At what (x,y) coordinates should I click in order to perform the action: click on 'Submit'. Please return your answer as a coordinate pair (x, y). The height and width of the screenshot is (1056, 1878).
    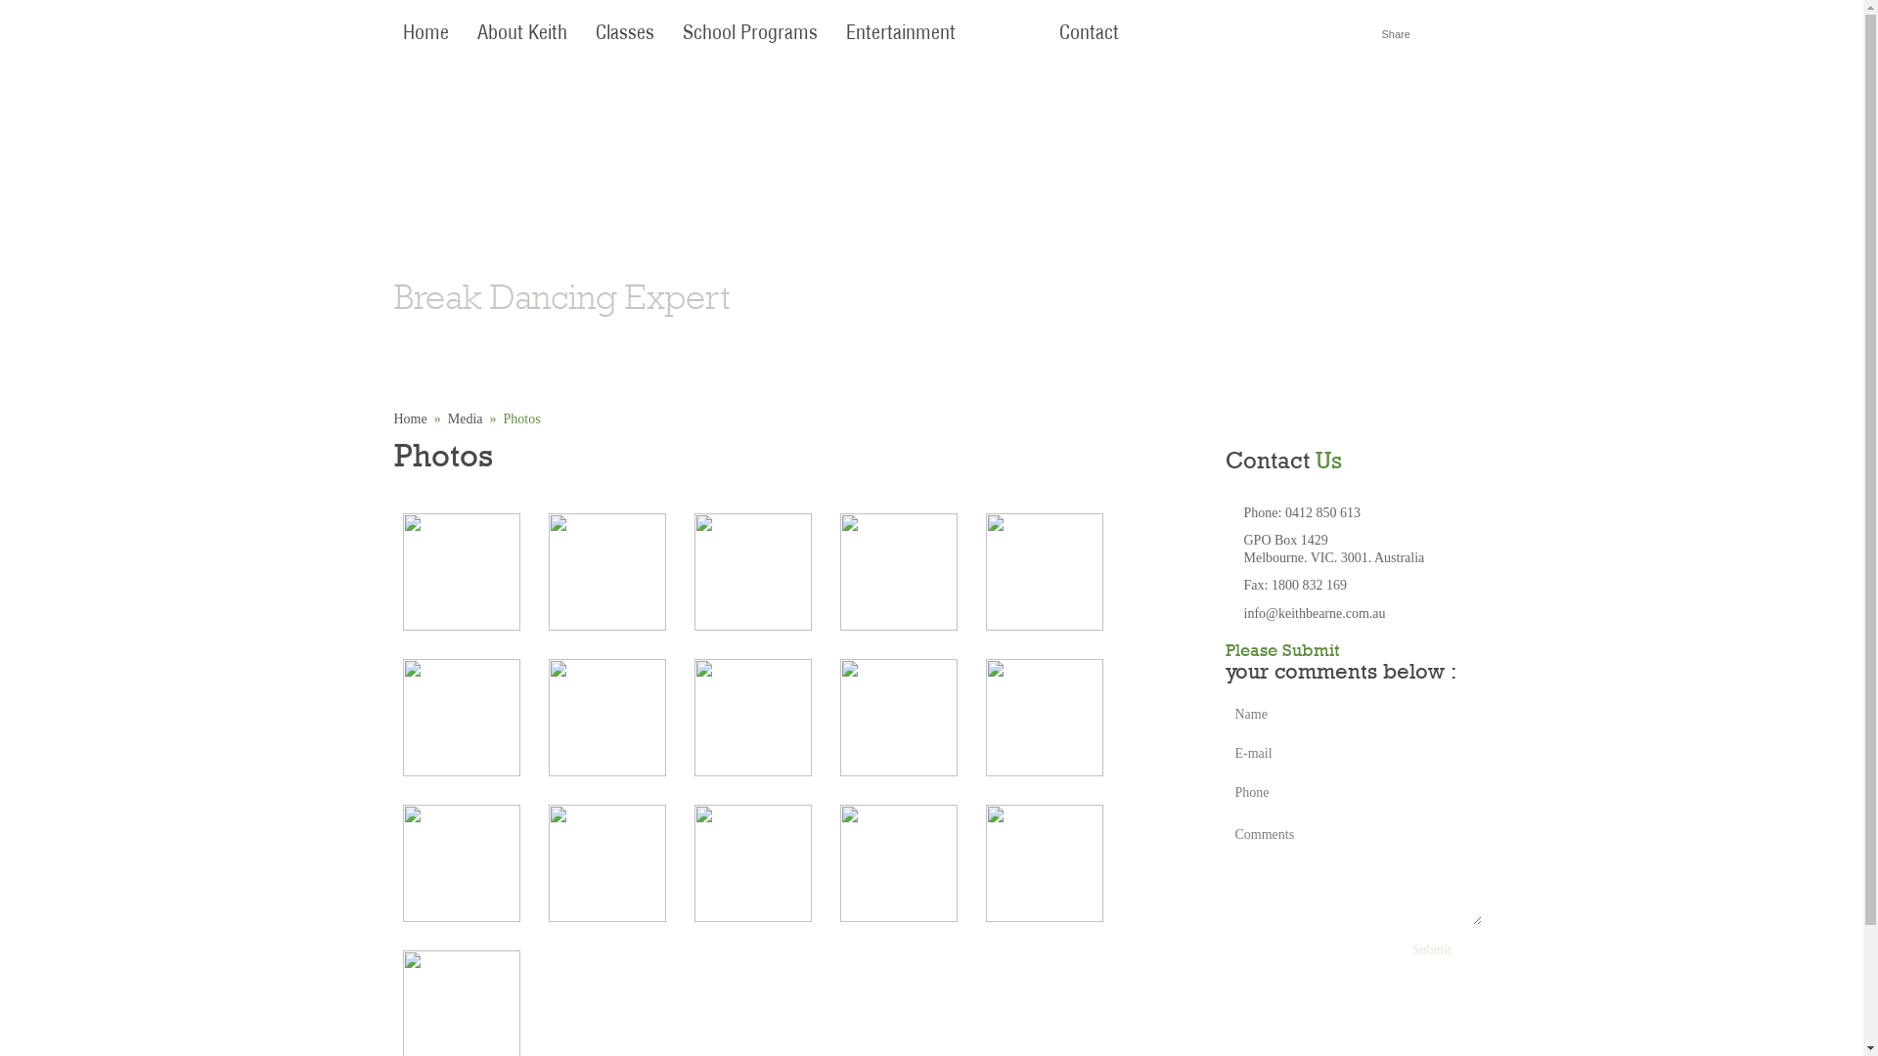
    Looking at the image, I should click on (1432, 949).